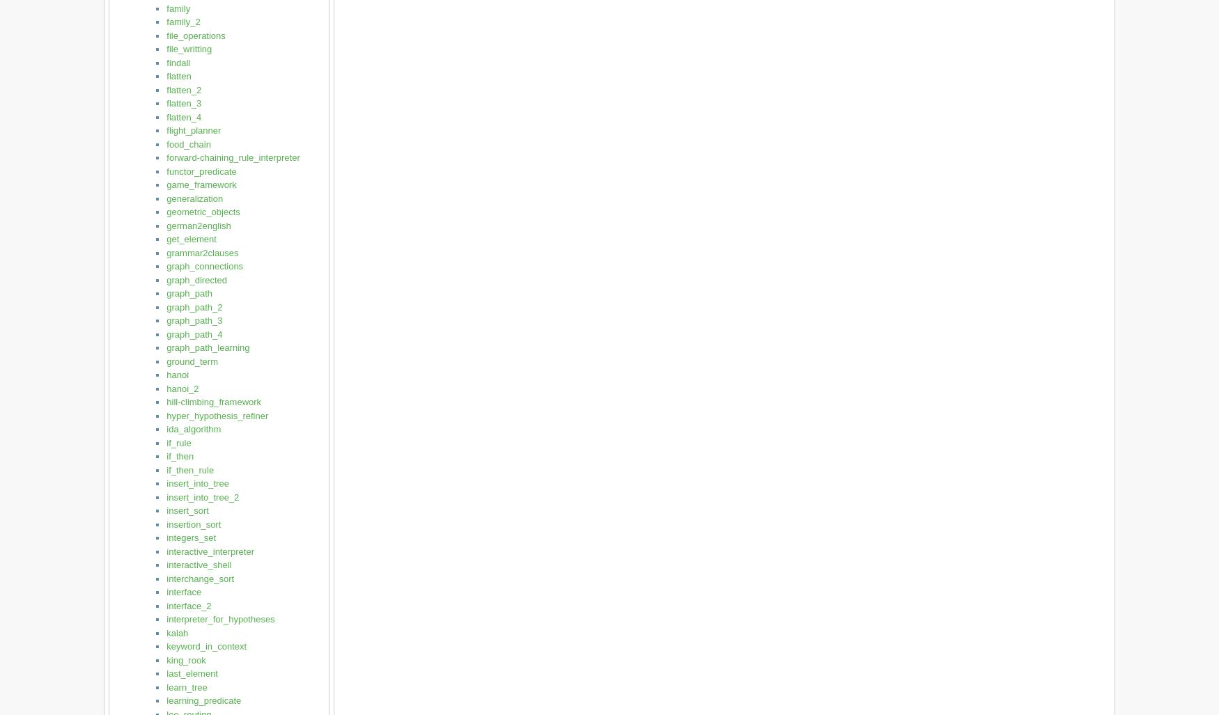 This screenshot has height=715, width=1219. I want to click on 'keyword_in_context', so click(166, 646).